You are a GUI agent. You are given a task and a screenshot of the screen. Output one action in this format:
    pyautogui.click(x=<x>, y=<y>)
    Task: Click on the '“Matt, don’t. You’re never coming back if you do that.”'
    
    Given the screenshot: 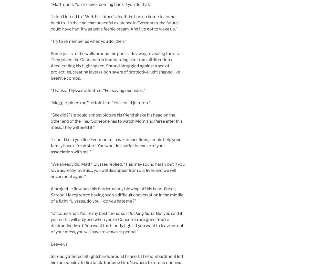 What is the action you would take?
    pyautogui.click(x=101, y=4)
    